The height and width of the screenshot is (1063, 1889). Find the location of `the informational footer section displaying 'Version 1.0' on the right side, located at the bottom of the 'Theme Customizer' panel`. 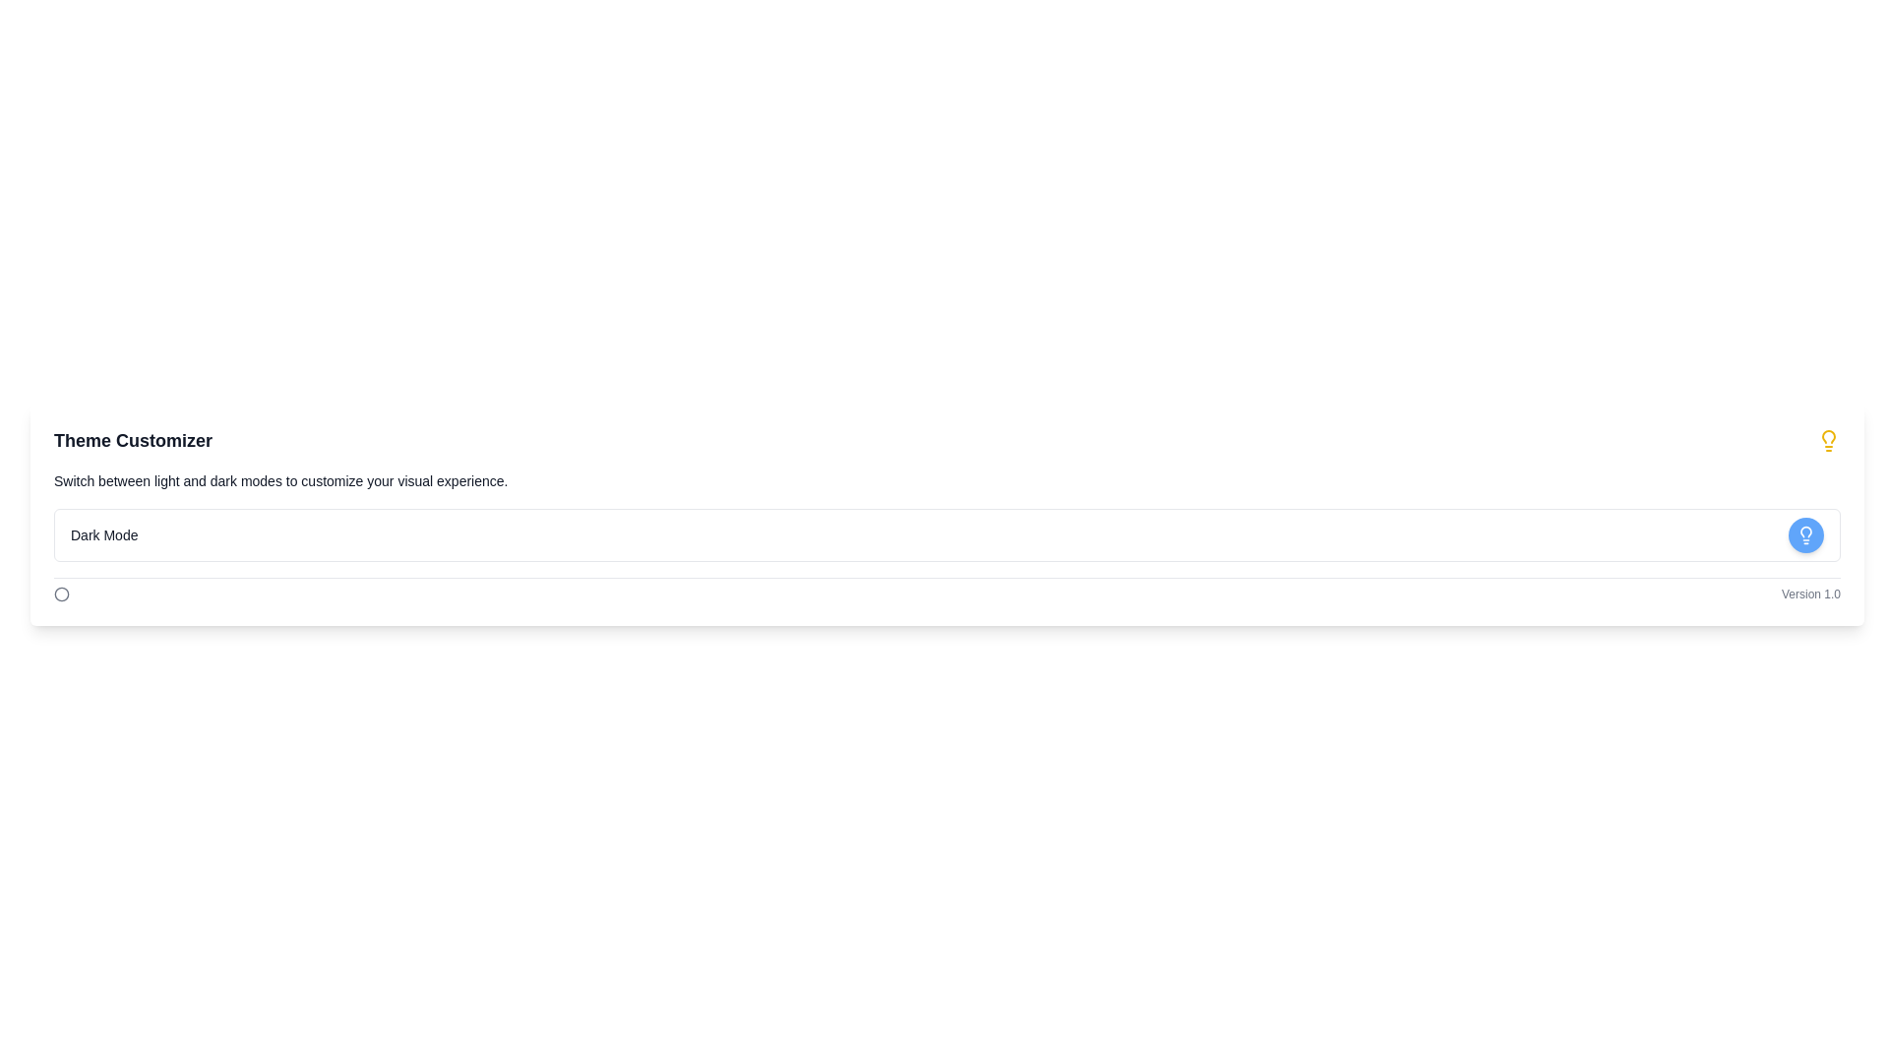

the informational footer section displaying 'Version 1.0' on the right side, located at the bottom of the 'Theme Customizer' panel is located at coordinates (947, 588).